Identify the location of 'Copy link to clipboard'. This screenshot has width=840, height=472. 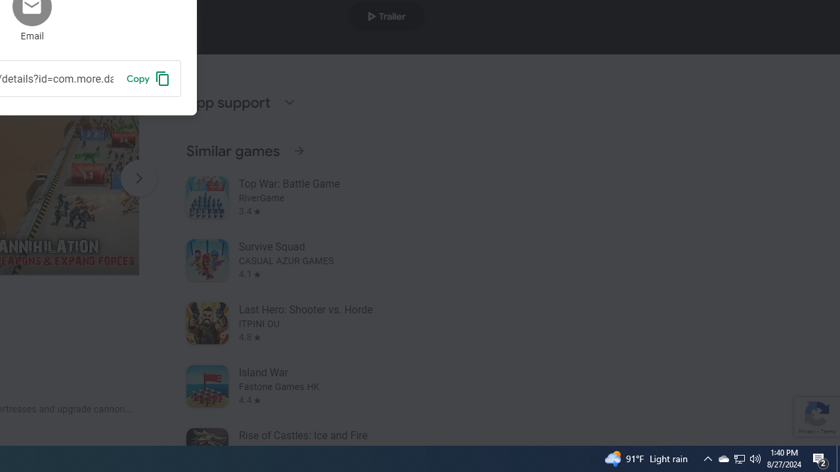
(148, 78).